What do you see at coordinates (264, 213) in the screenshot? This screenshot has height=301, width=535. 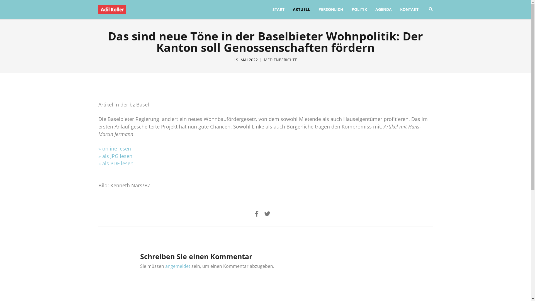 I see `'Share on Twitter'` at bounding box center [264, 213].